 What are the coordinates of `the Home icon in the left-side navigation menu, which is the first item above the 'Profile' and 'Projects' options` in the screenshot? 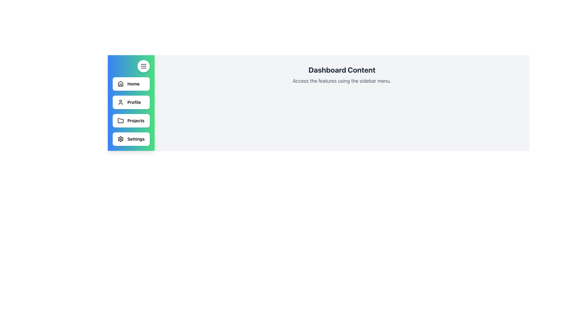 It's located at (120, 84).